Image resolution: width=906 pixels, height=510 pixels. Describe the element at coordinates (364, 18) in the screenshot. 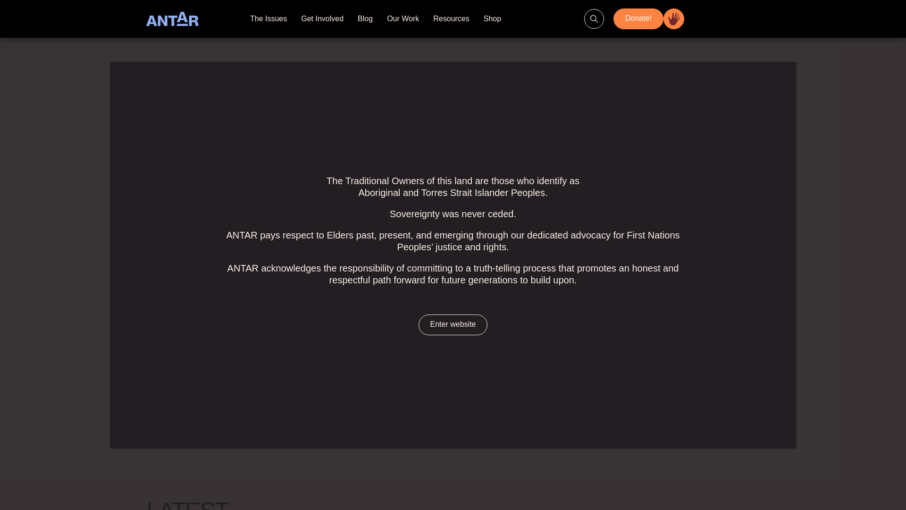

I see `'Blog'` at that location.